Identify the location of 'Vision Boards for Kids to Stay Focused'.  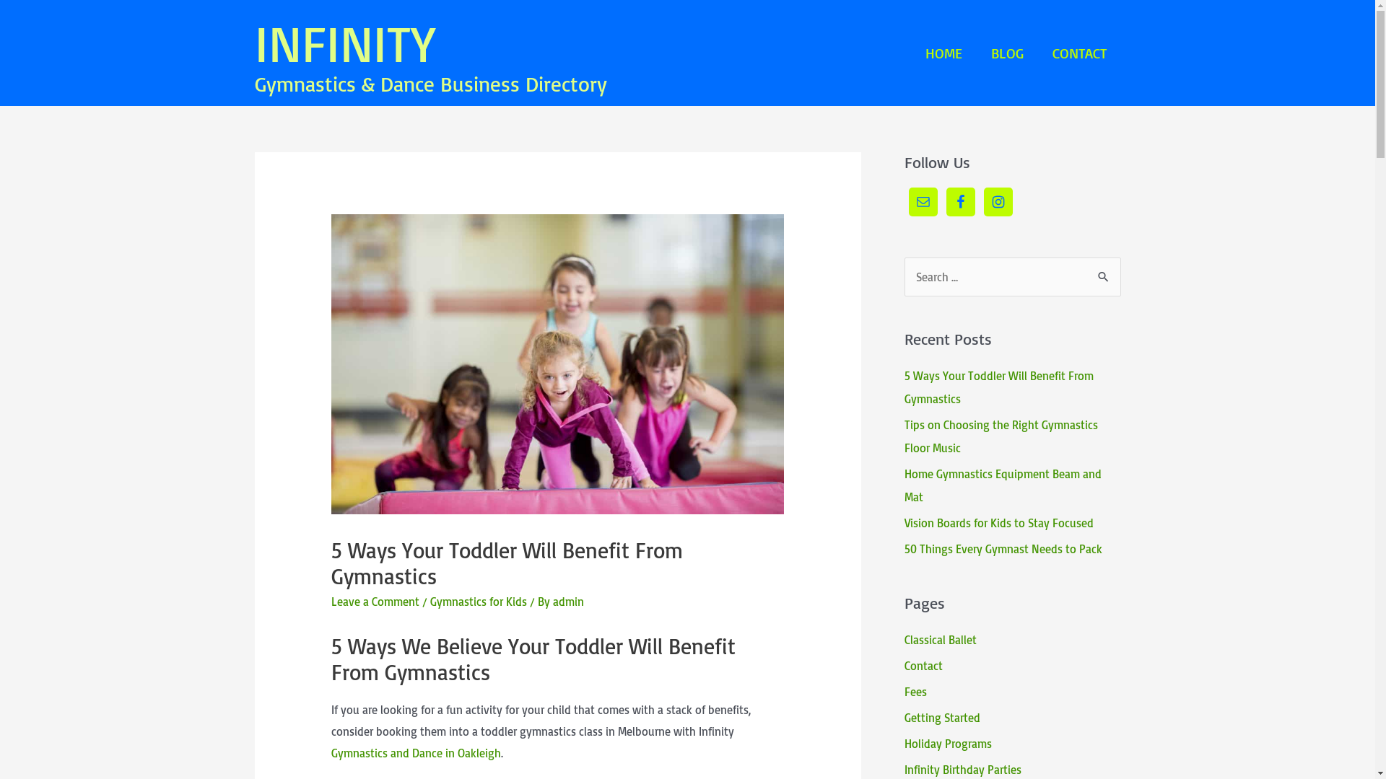
(997, 523).